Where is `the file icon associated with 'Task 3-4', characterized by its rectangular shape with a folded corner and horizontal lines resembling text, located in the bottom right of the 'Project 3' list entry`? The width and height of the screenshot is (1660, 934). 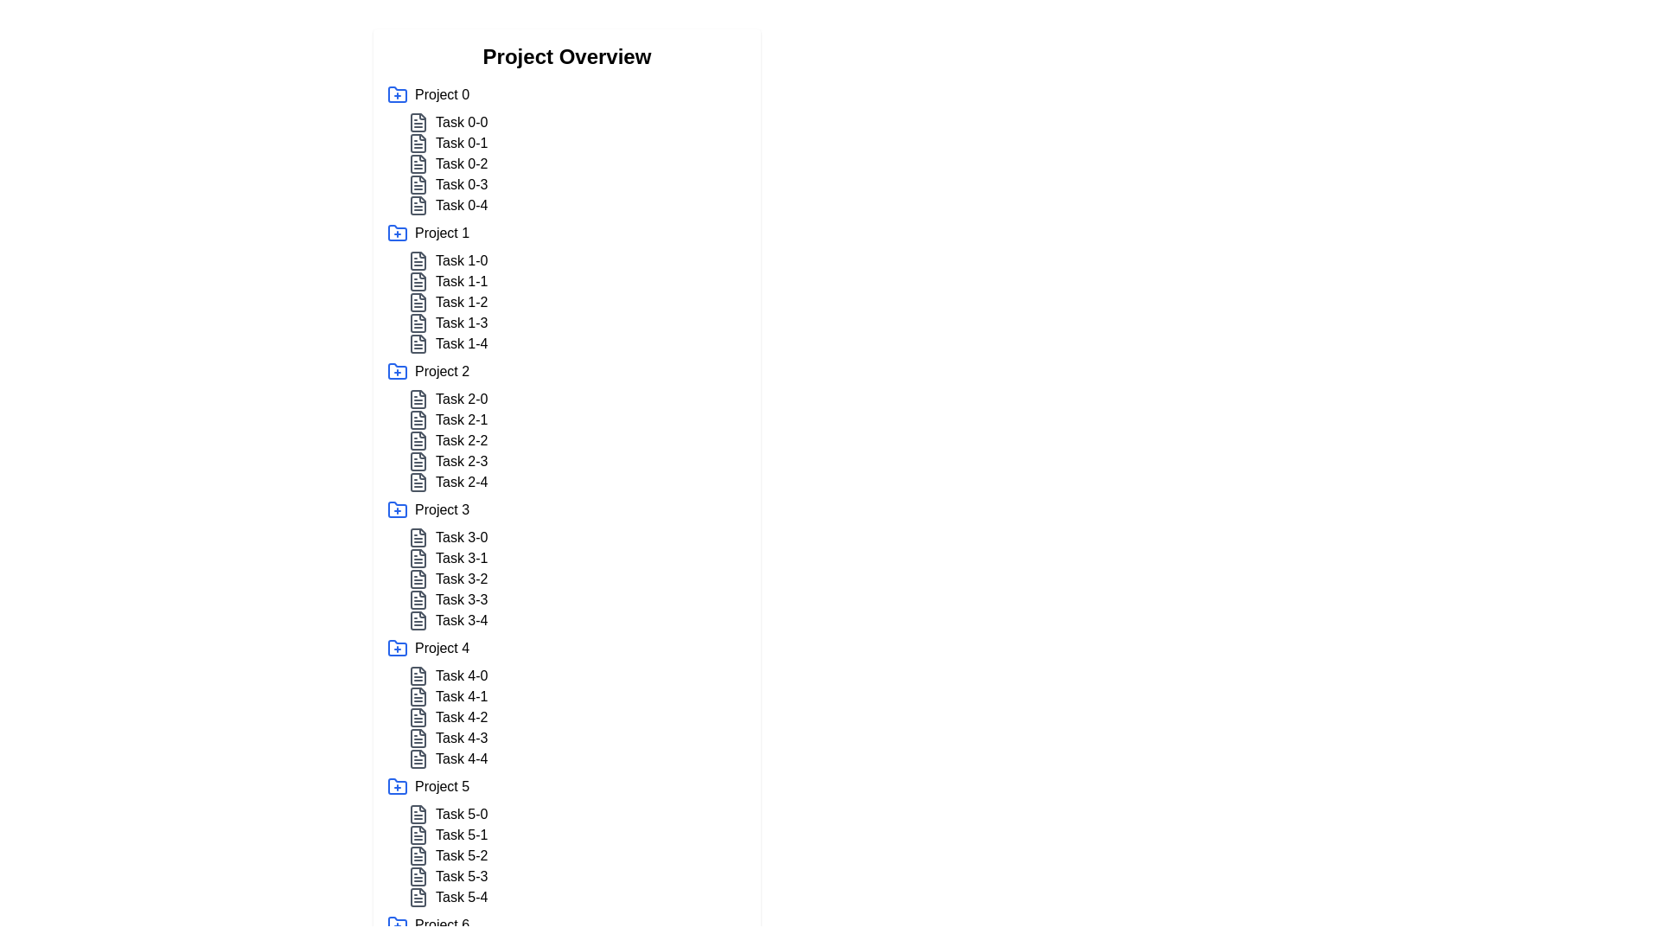
the file icon associated with 'Task 3-4', characterized by its rectangular shape with a folded corner and horizontal lines resembling text, located in the bottom right of the 'Project 3' list entry is located at coordinates (418, 619).